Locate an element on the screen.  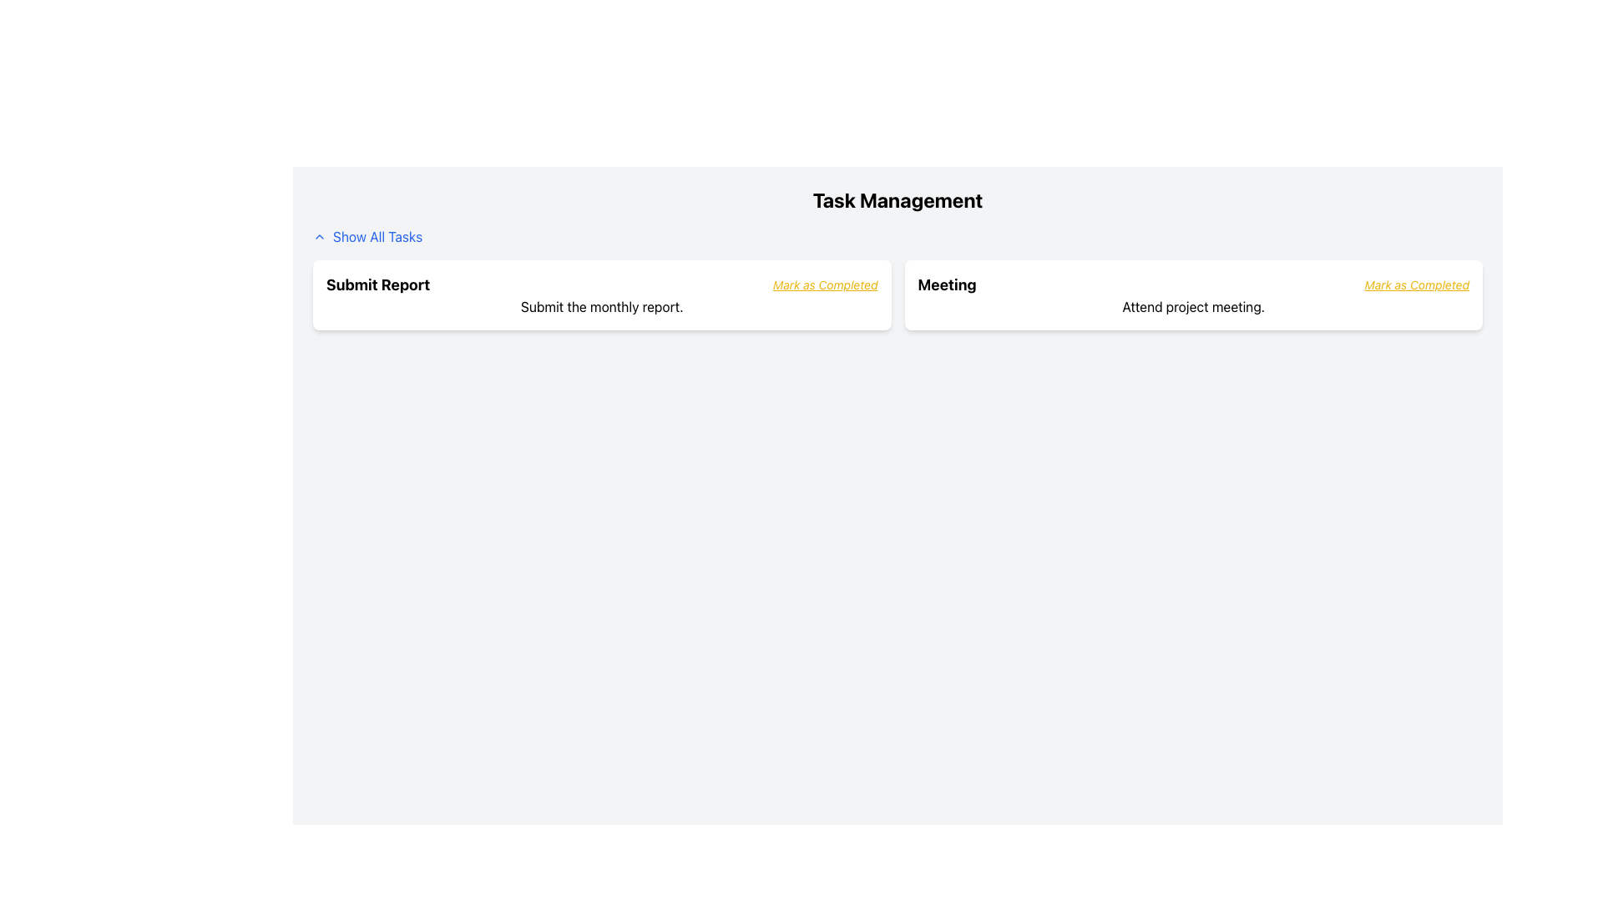
the upward motion icon located to the left of the 'Show All Tasks' text is located at coordinates (320, 237).